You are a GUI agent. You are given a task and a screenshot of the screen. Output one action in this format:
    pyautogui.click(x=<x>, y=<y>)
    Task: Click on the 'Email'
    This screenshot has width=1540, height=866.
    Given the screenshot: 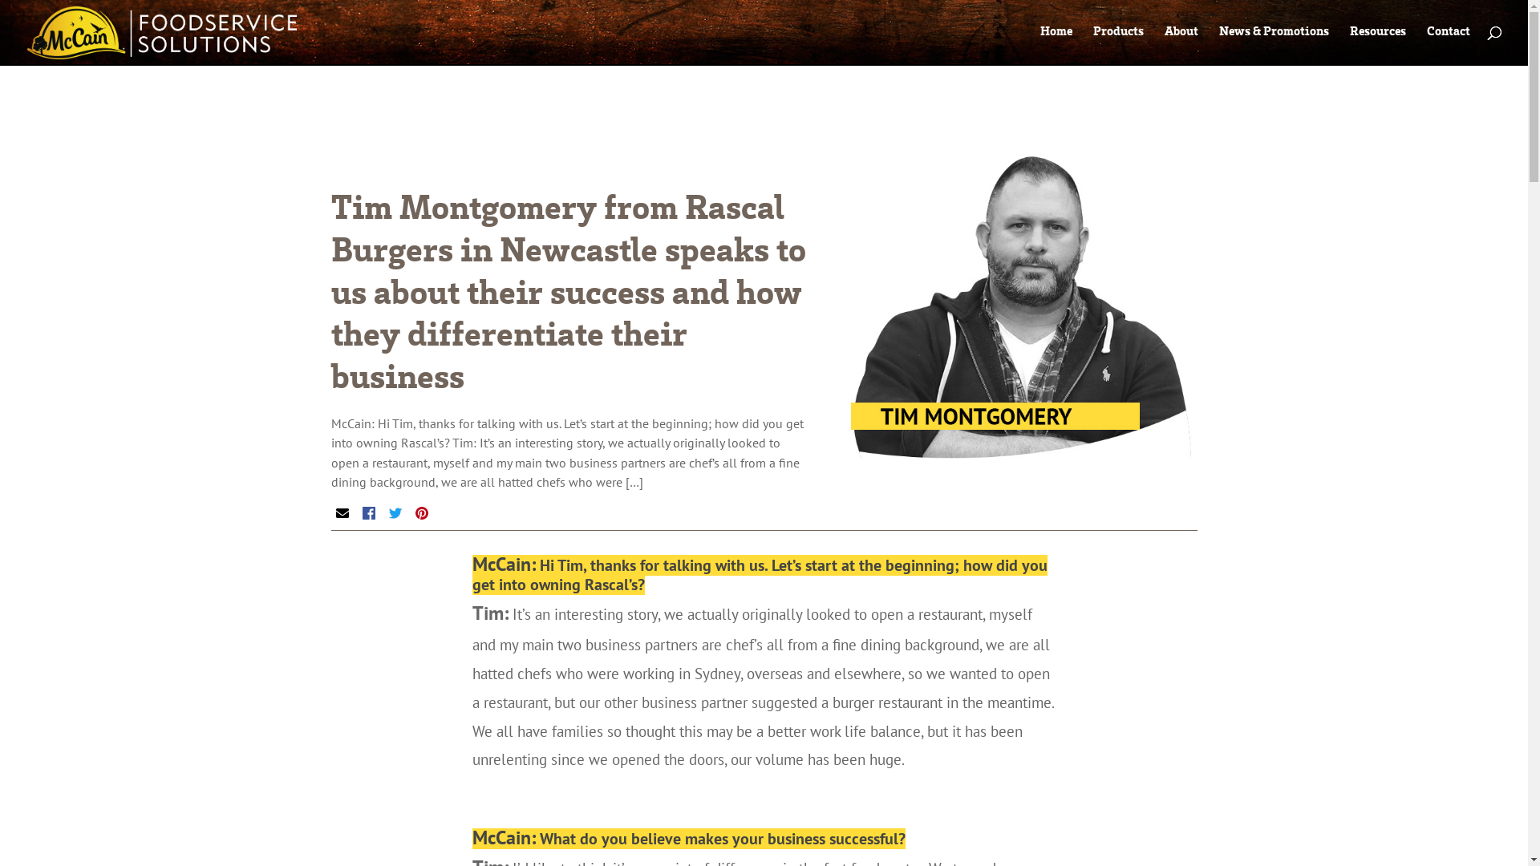 What is the action you would take?
    pyautogui.click(x=341, y=513)
    